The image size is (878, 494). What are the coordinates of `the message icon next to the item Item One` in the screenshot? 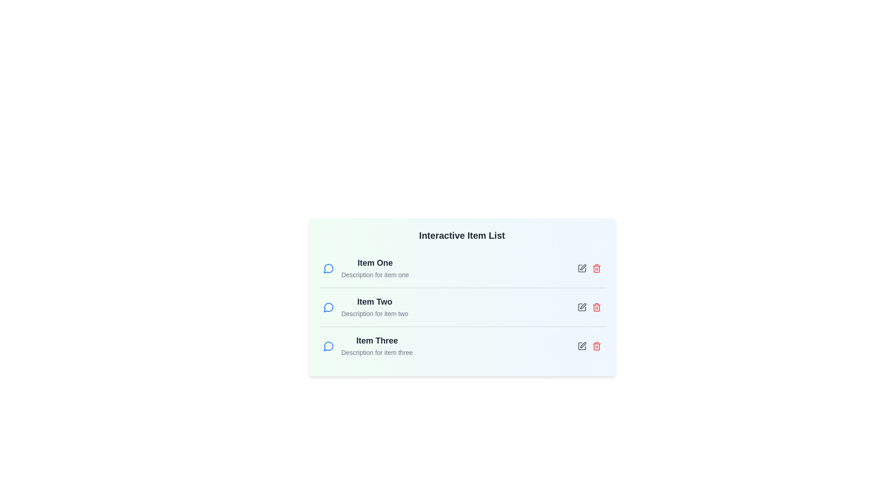 It's located at (328, 268).